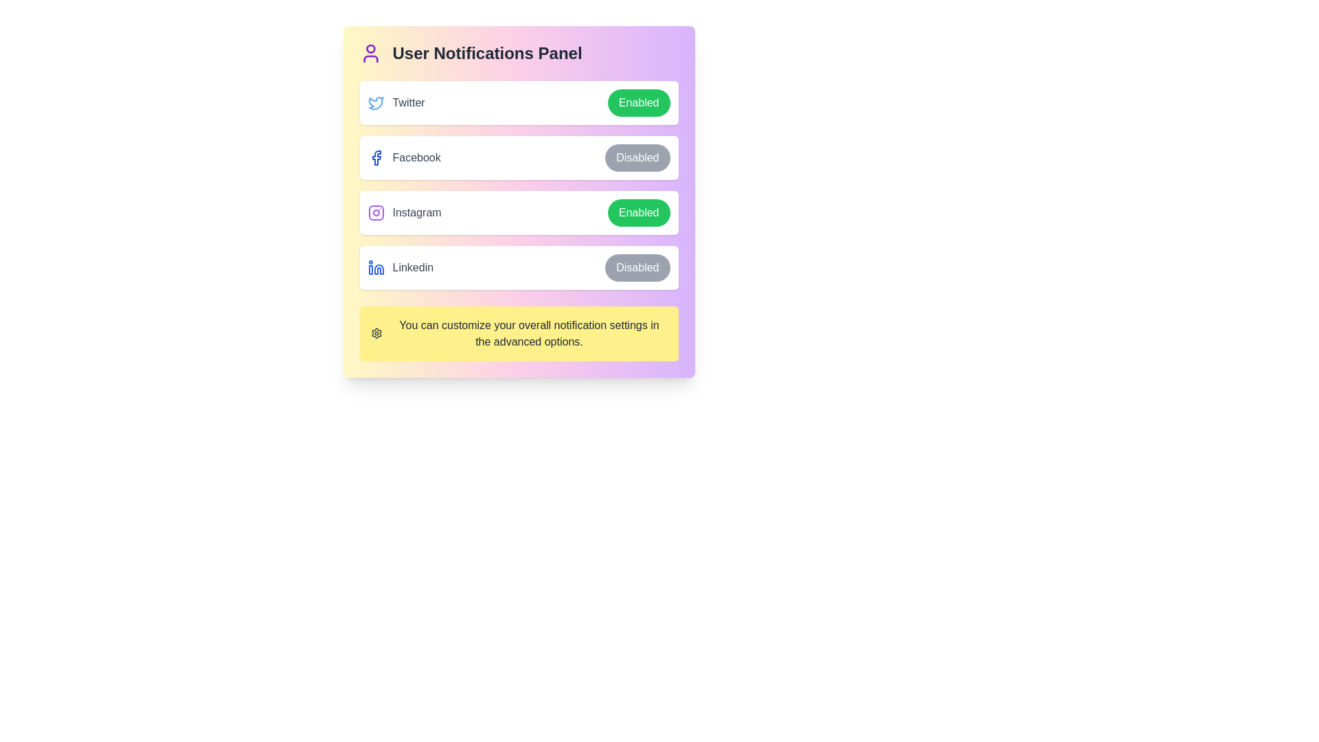  I want to click on the pill-shaped button labeled 'Disabled' with white text on a gray background, located to the far right of the 'Facebook' section in the second row of a vertical list, so click(637, 157).